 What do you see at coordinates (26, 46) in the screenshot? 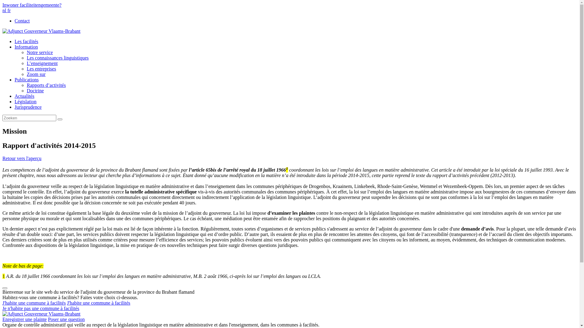
I see `'Information'` at bounding box center [26, 46].